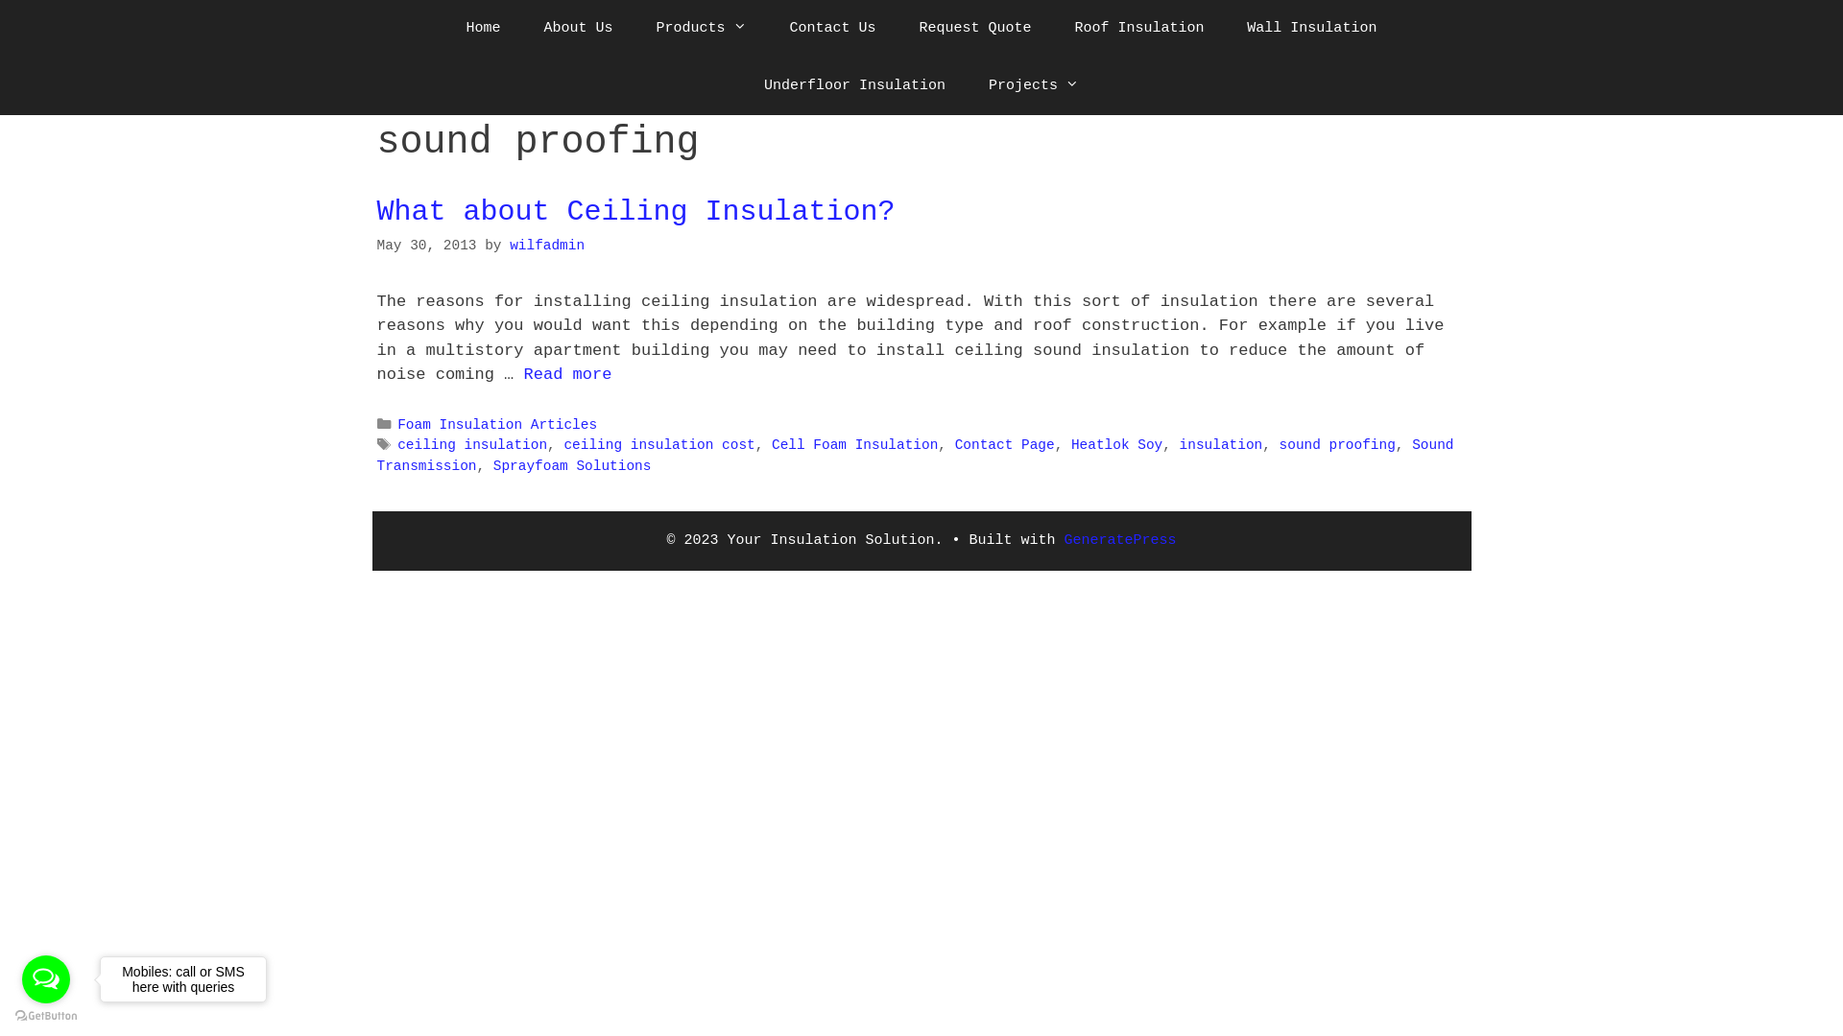 Image resolution: width=1843 pixels, height=1036 pixels. What do you see at coordinates (853, 444) in the screenshot?
I see `'Cell Foam Insulation'` at bounding box center [853, 444].